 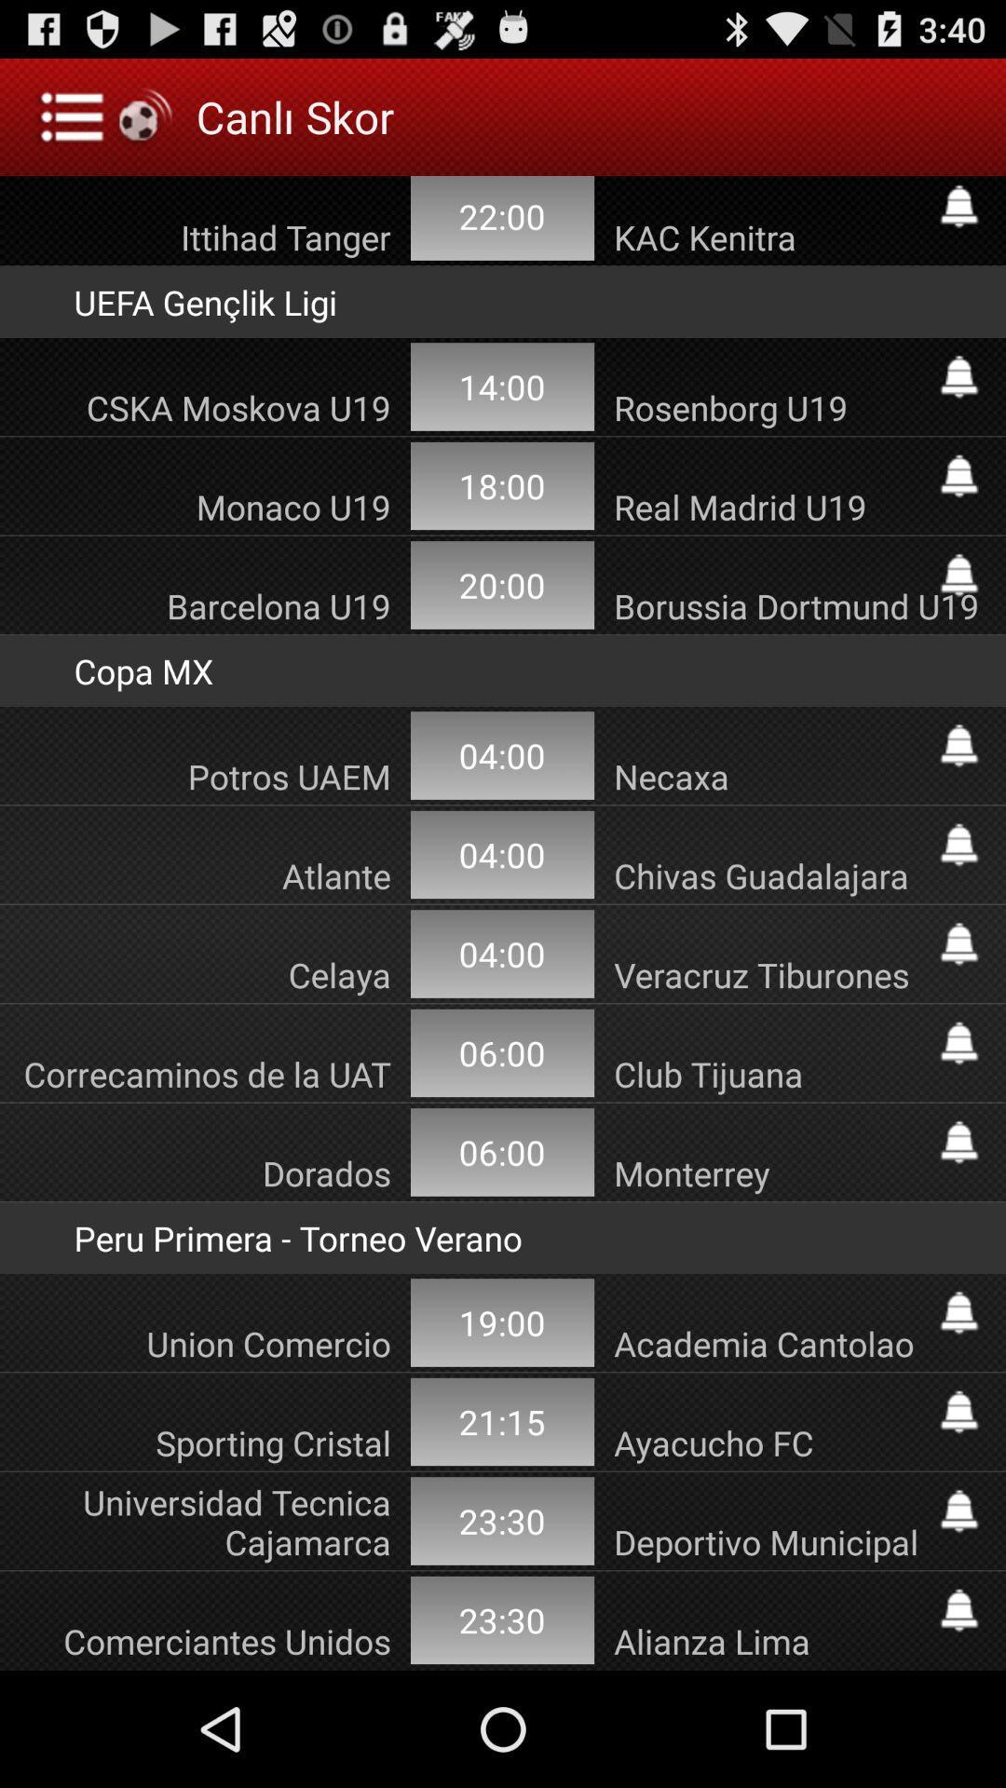 What do you see at coordinates (958, 1043) in the screenshot?
I see `alert option` at bounding box center [958, 1043].